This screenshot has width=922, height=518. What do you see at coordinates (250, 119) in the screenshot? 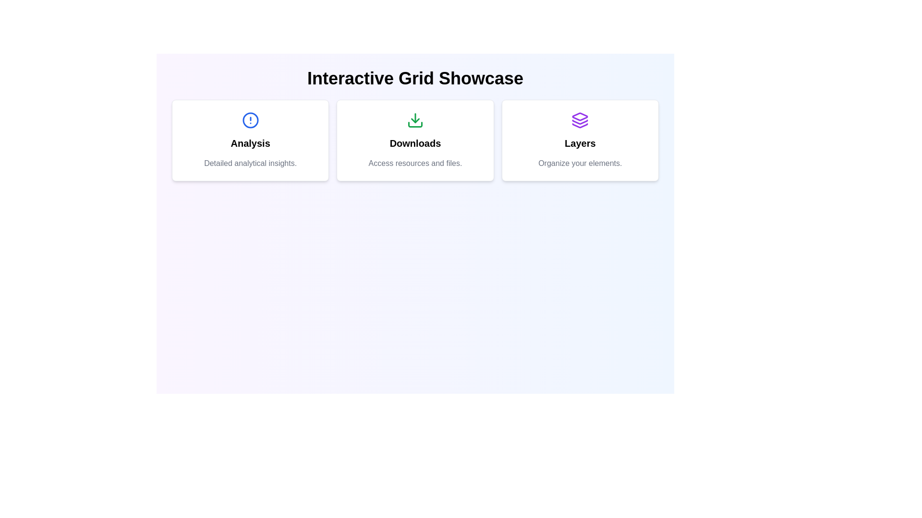
I see `the circular icon with a blue outline and an exclamation mark in the center, located at the top center of the 'Analysis' card` at bounding box center [250, 119].